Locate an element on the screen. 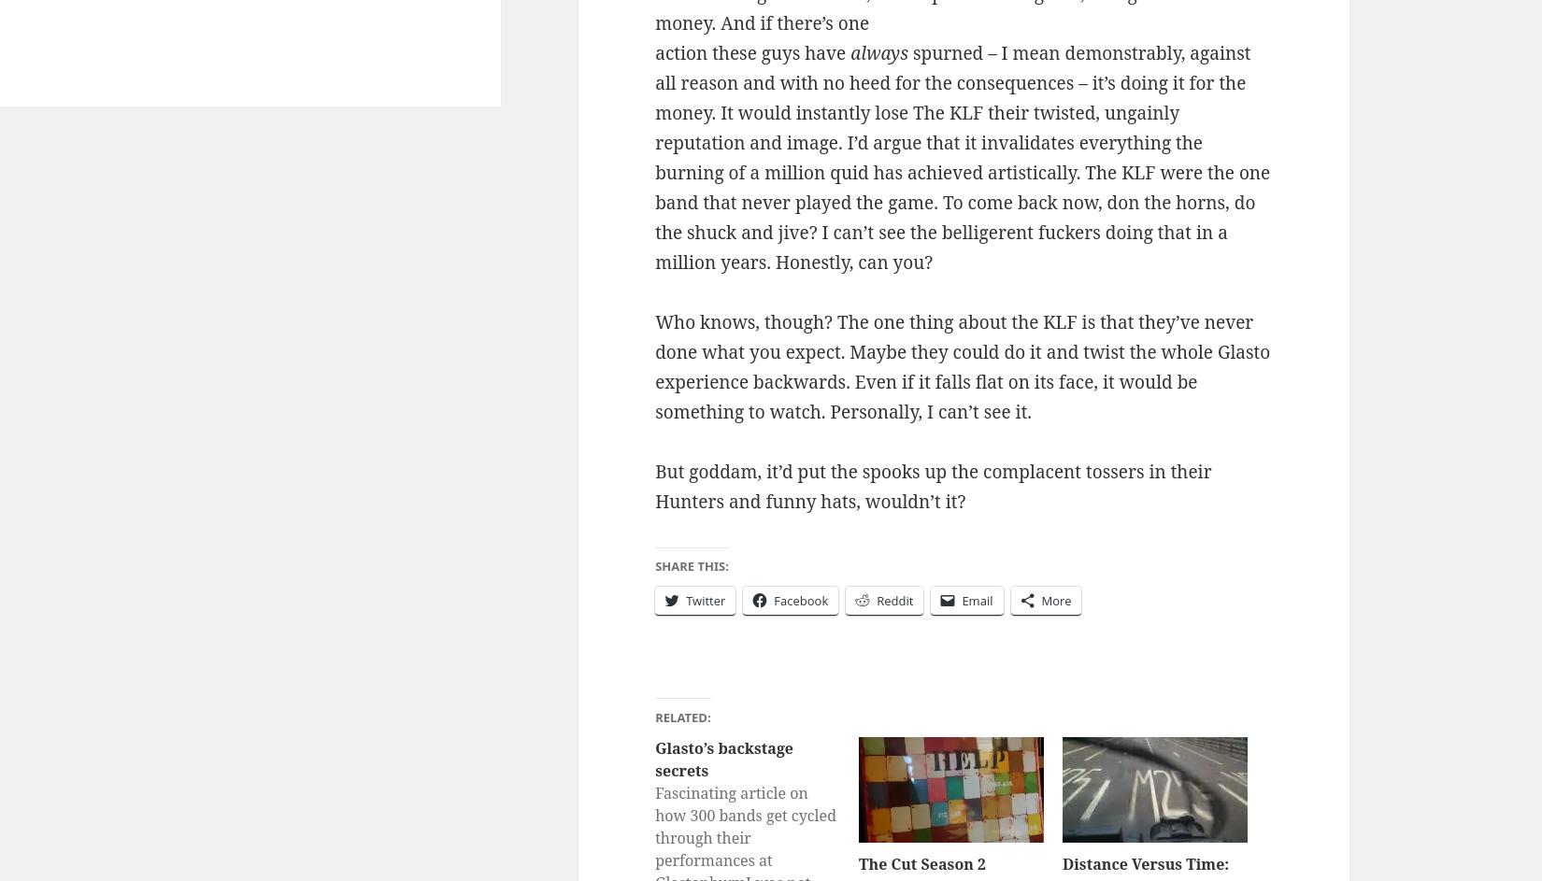 The height and width of the screenshot is (881, 1542). 'But goddam, it’d put the spooks up the complacent tossers in their Hunters and funny hats, wouldn’t it?' is located at coordinates (933, 484).